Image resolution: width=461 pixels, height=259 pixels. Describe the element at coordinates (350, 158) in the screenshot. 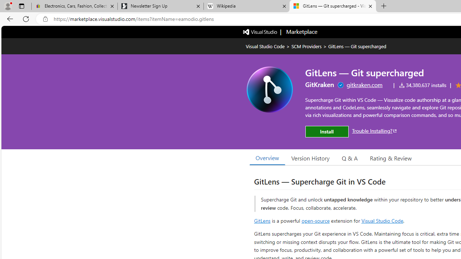

I see `'Q & A'` at that location.